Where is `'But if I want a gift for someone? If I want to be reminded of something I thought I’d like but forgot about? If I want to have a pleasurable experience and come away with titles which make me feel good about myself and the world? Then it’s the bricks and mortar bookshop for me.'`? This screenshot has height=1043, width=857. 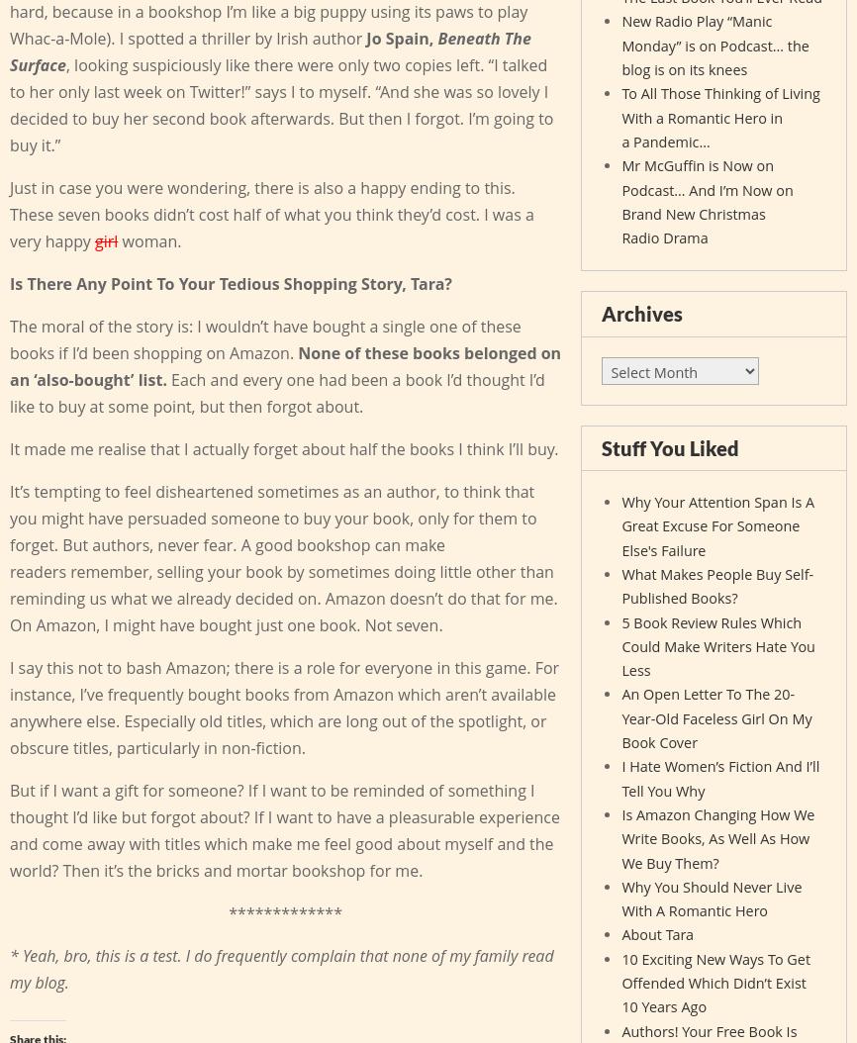 'But if I want a gift for someone? If I want to be reminded of something I thought I’d like but forgot about? If I want to have a pleasurable experience and come away with titles which make me feel good about myself and the world? Then it’s the bricks and mortar bookshop for me.' is located at coordinates (283, 829).